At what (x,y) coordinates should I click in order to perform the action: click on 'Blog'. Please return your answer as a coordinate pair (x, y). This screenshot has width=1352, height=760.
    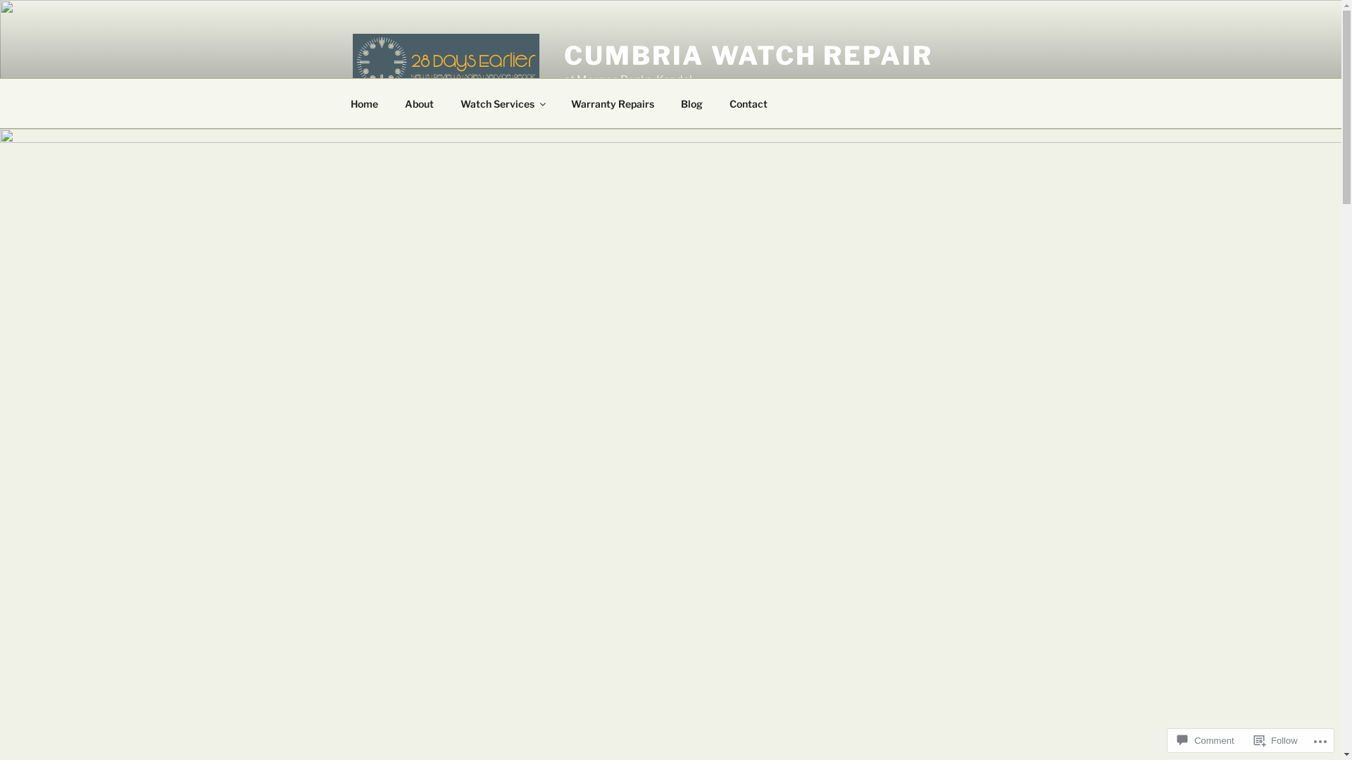
    Looking at the image, I should click on (692, 102).